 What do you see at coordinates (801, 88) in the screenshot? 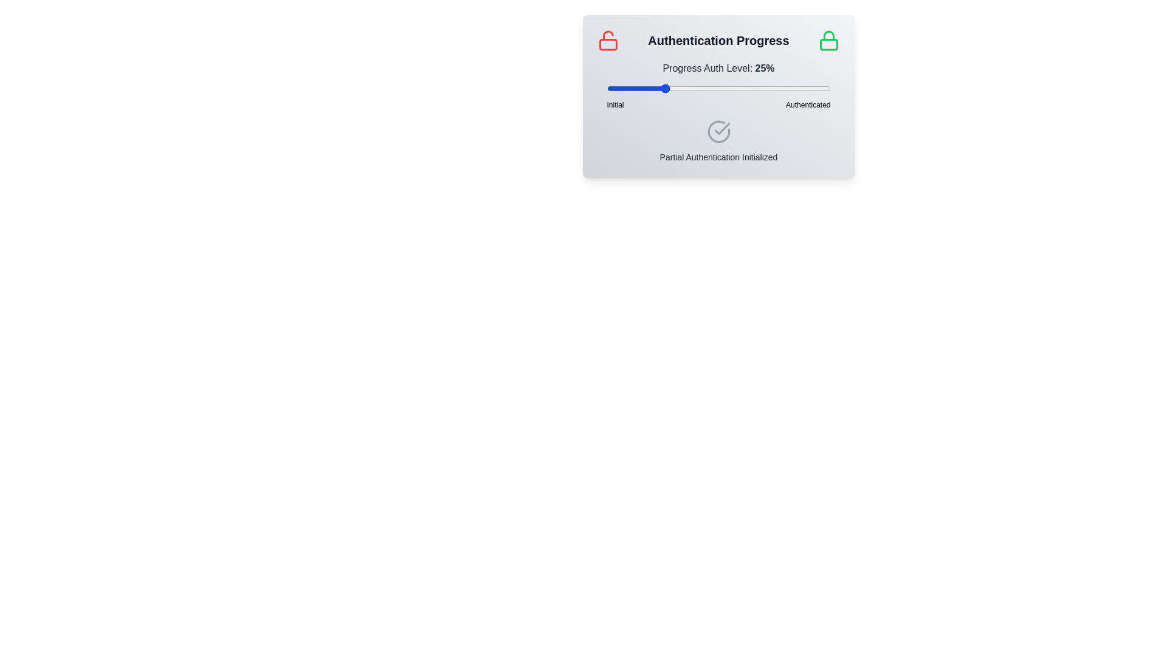
I see `the slider to set the authentication level to 87` at bounding box center [801, 88].